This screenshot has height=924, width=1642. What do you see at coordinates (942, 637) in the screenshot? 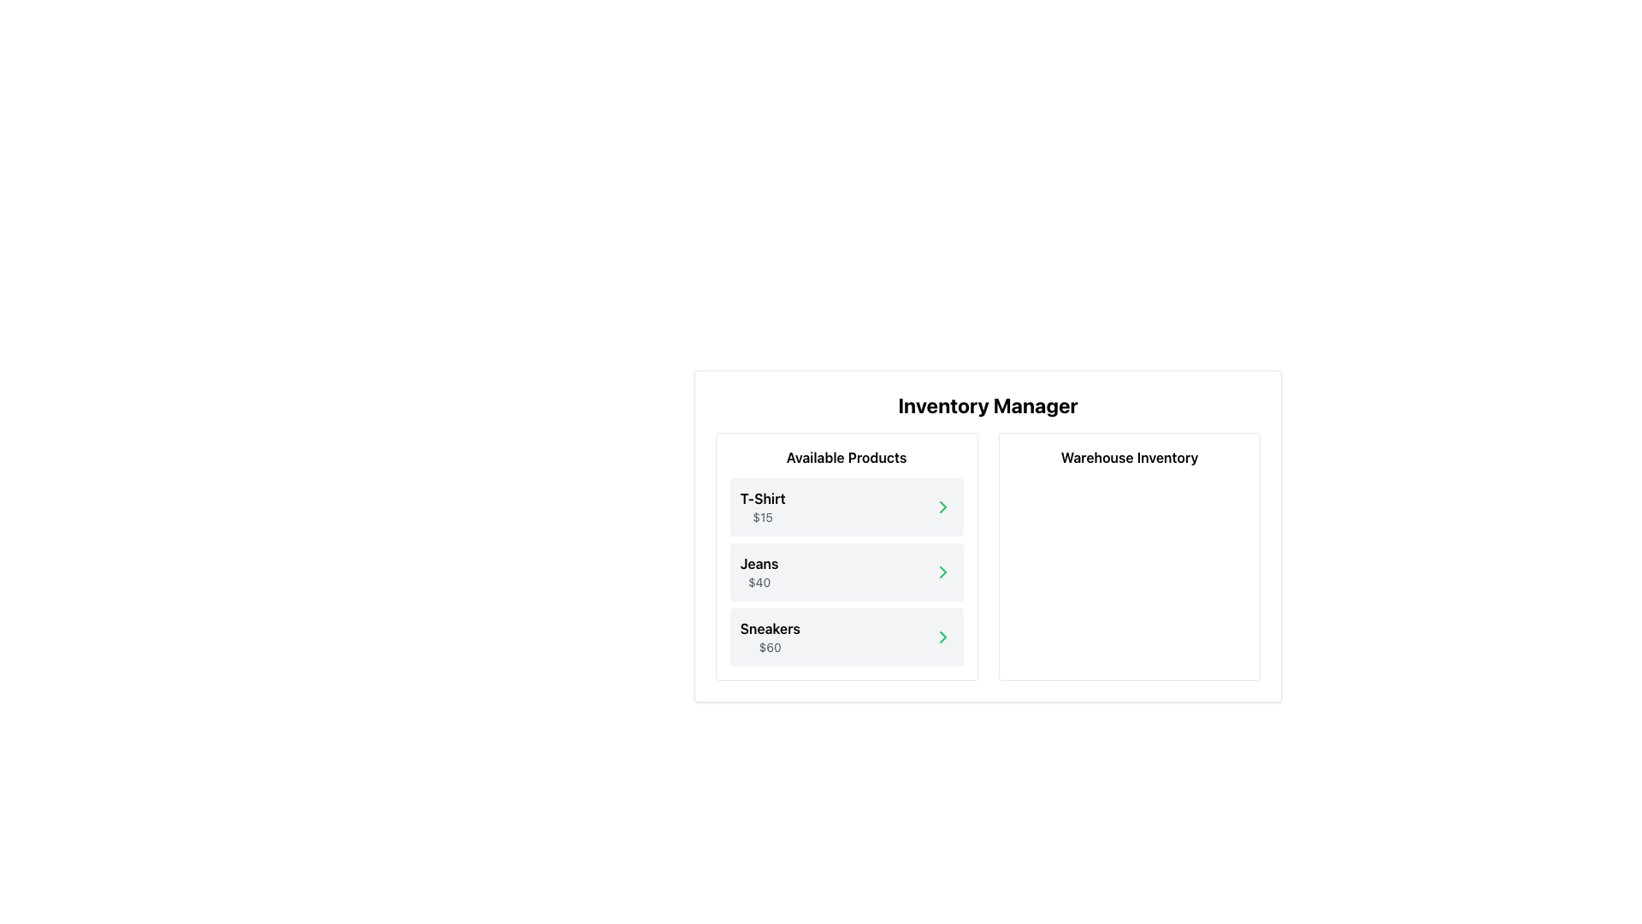
I see `the navigation icon for the 'Jeans - $40' item in the 'Available Products' section of the 'Inventory Manager'` at bounding box center [942, 637].